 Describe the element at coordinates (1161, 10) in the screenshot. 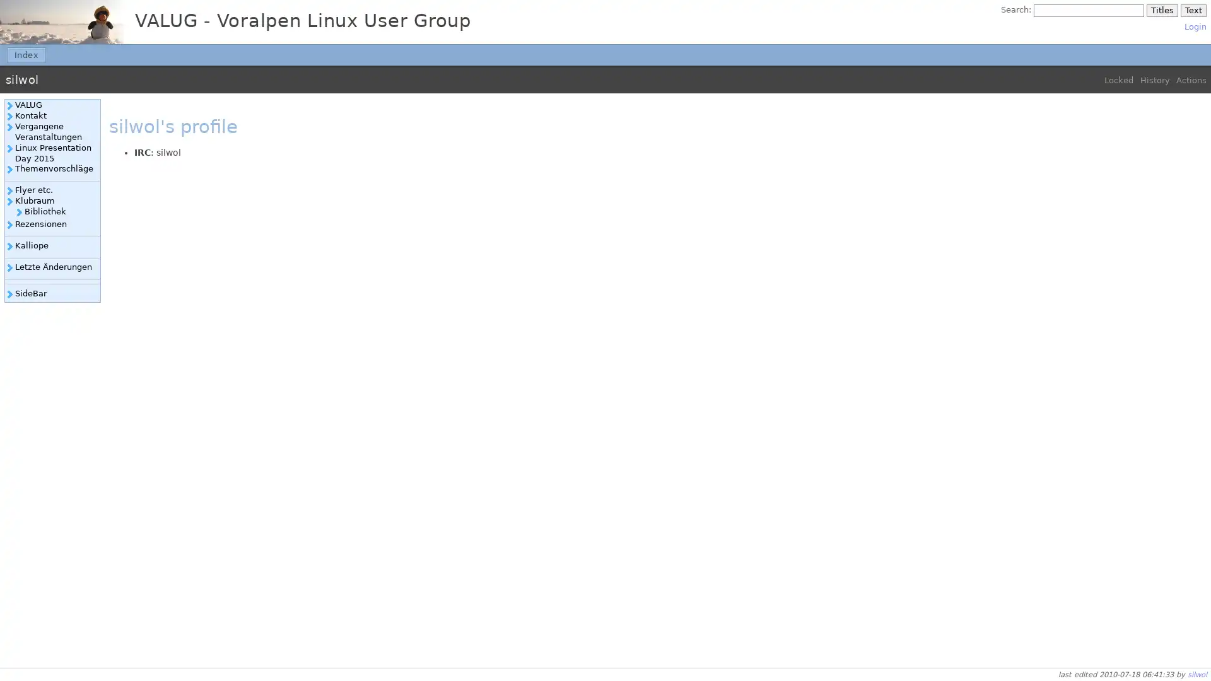

I see `Titles` at that location.